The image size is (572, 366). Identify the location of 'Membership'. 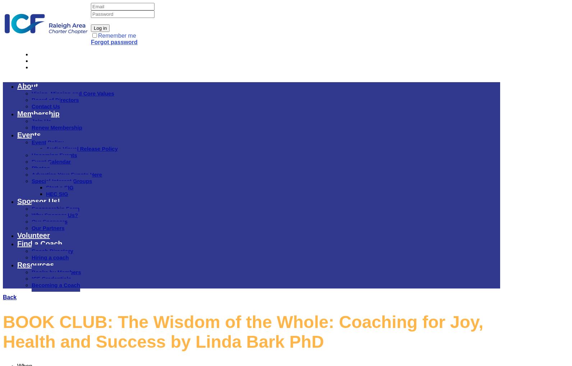
(38, 114).